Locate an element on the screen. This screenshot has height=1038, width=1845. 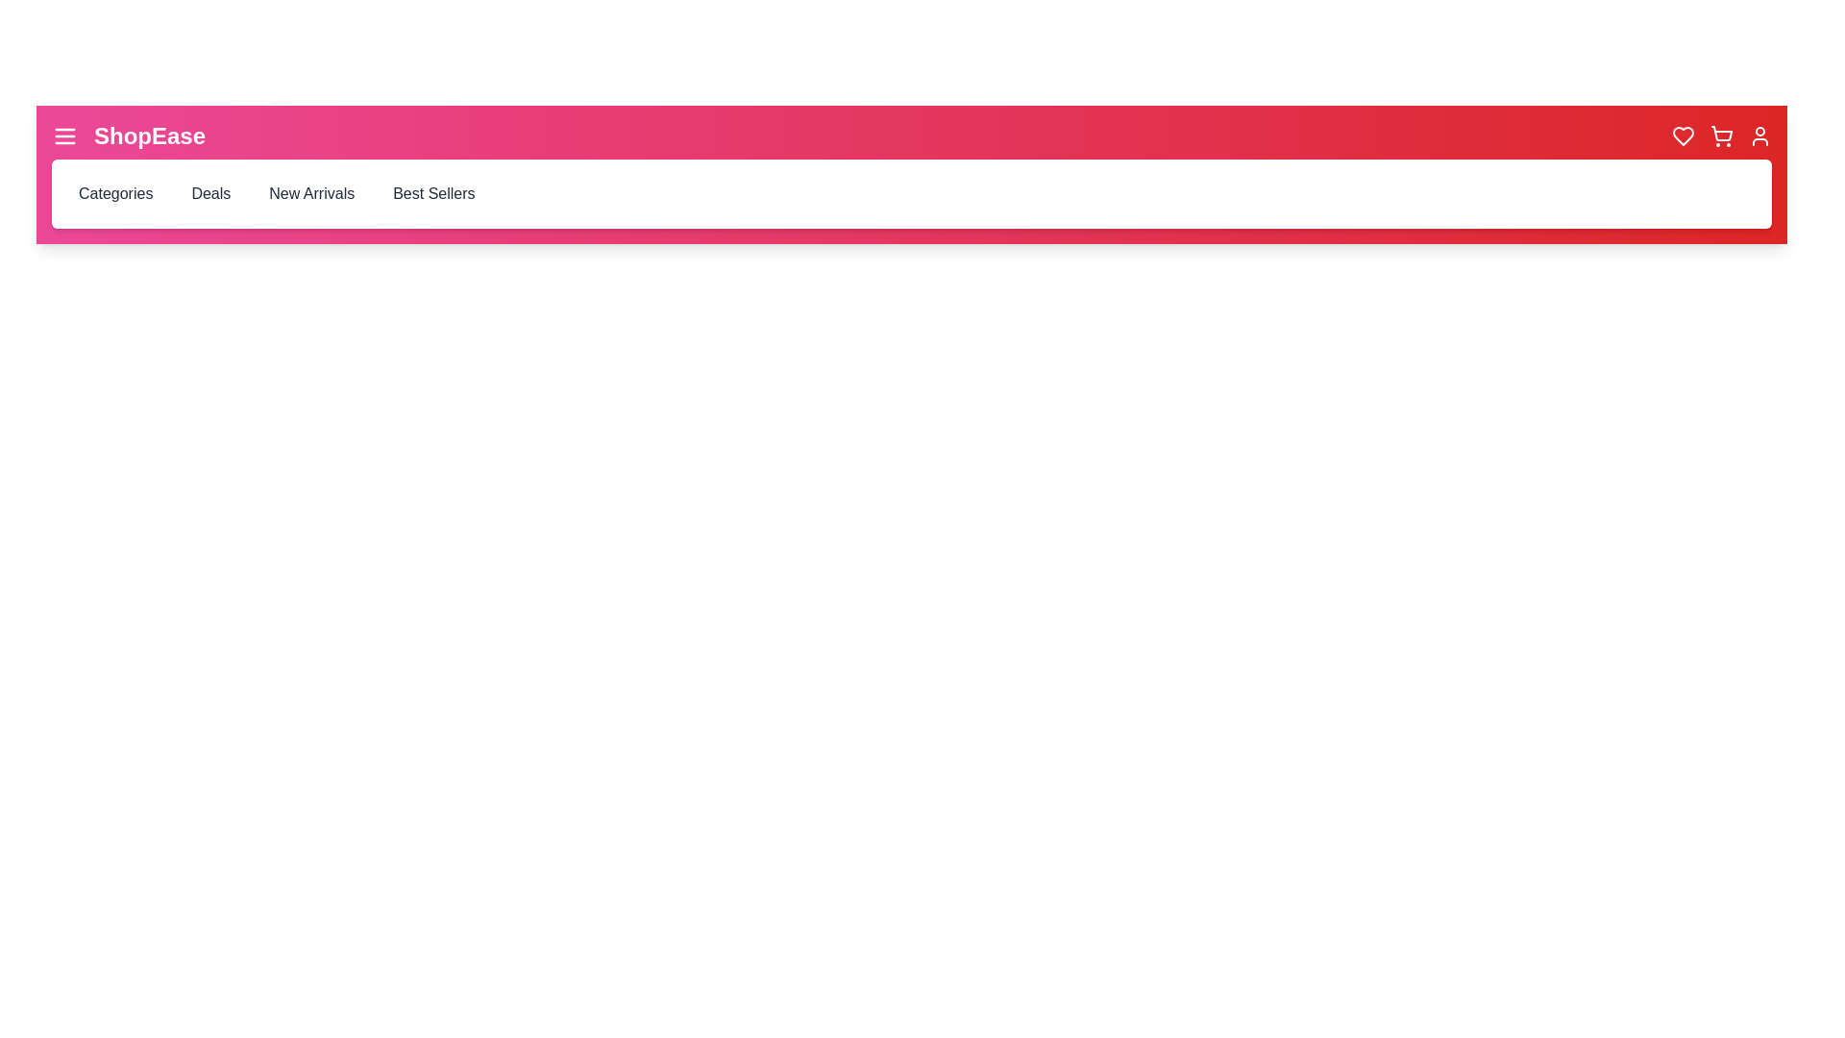
the 'Shopping Cart' icon is located at coordinates (1721, 136).